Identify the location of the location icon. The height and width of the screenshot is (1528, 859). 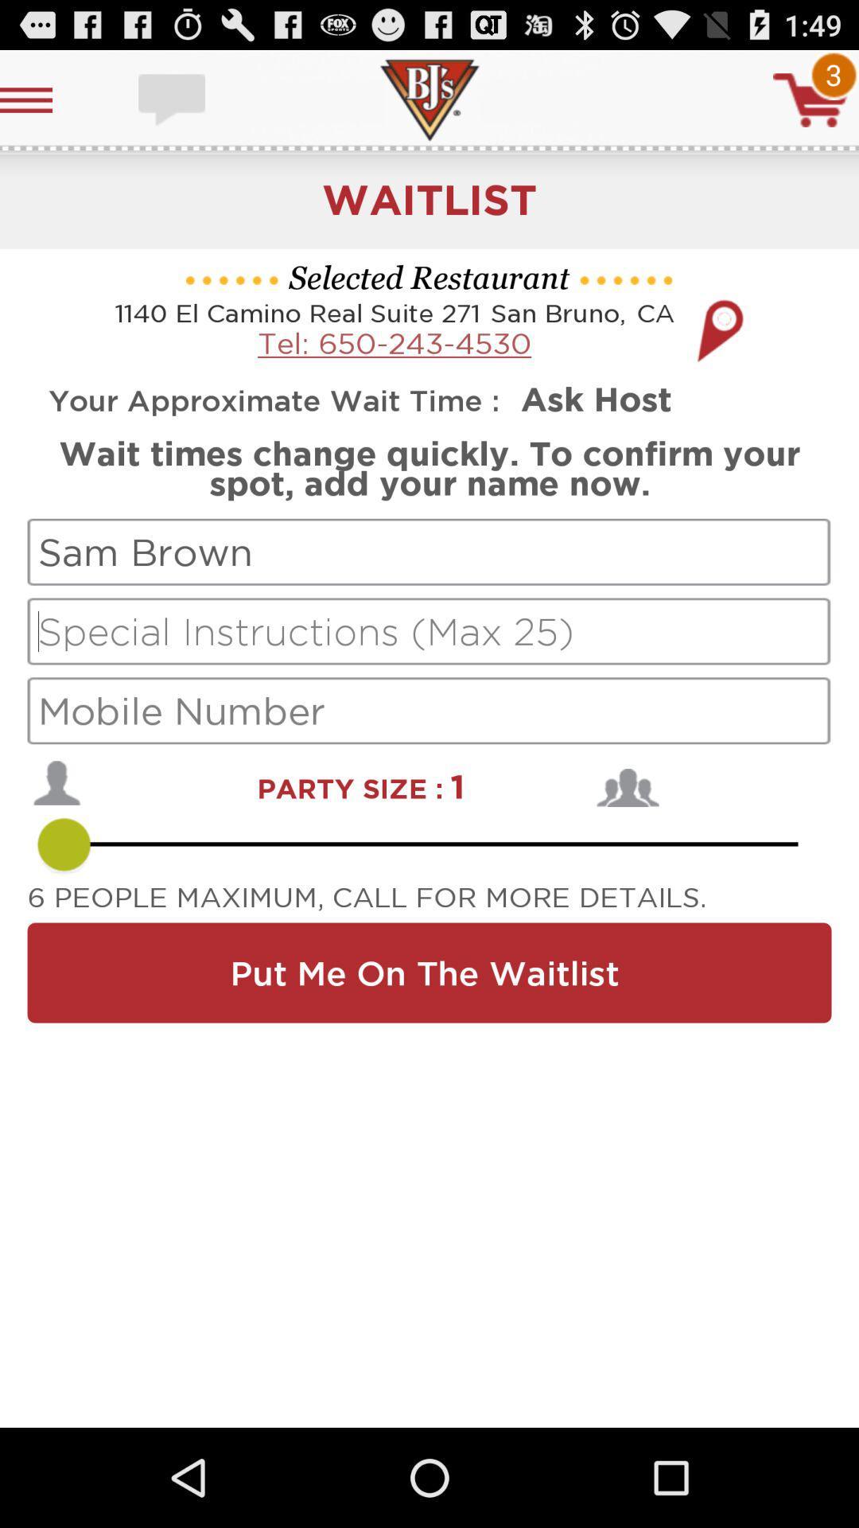
(719, 353).